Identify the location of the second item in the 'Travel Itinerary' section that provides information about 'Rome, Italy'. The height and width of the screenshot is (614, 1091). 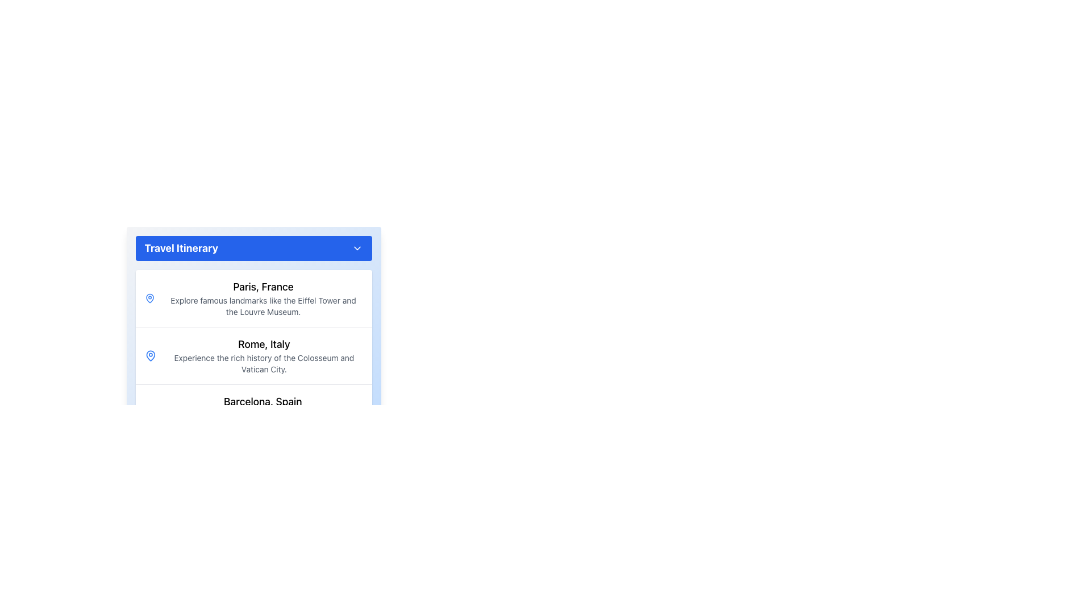
(263, 355).